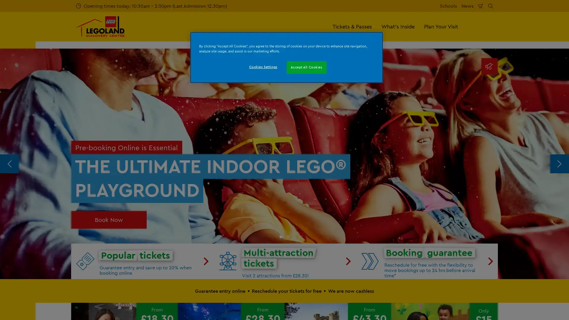 Image resolution: width=569 pixels, height=320 pixels. Describe the element at coordinates (490, 6) in the screenshot. I see `Search` at that location.